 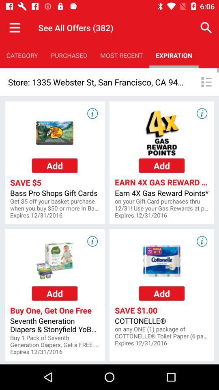 I want to click on the first information icon from top, so click(x=92, y=113).